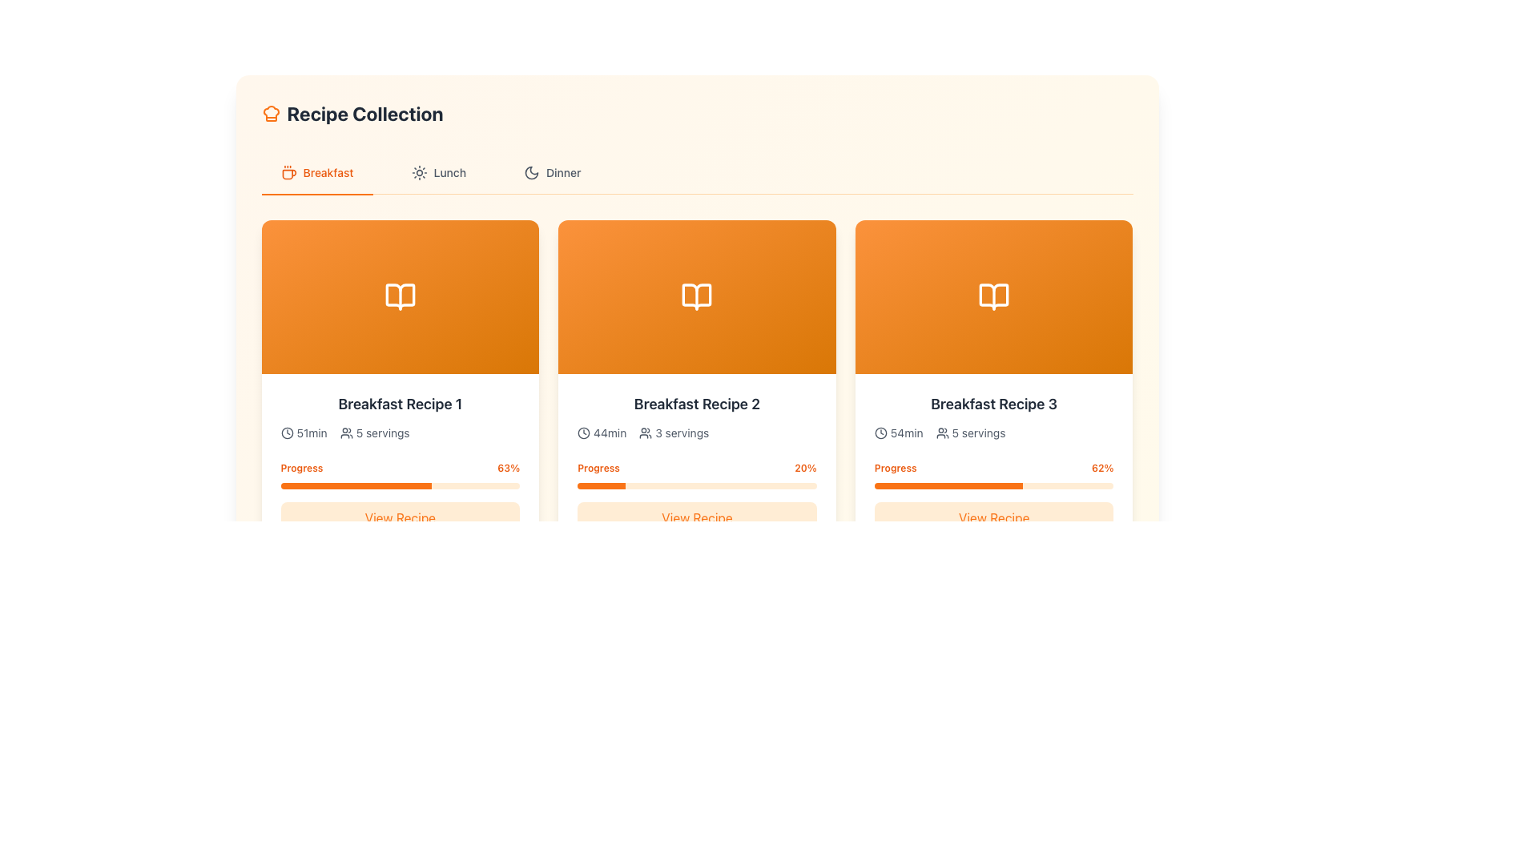  Describe the element at coordinates (400, 471) in the screenshot. I see `the orange progress bar indicating progress for 'Breakfast Recipe 1' in the leftmost column of the three-column grid under the 'Breakfast' tab` at that location.